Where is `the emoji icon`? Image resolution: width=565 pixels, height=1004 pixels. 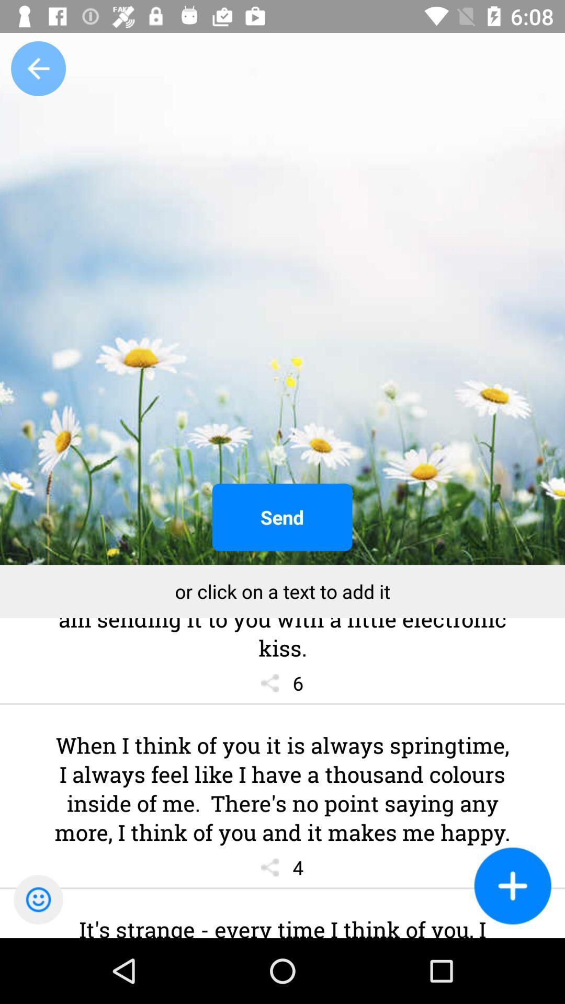 the emoji icon is located at coordinates (38, 899).